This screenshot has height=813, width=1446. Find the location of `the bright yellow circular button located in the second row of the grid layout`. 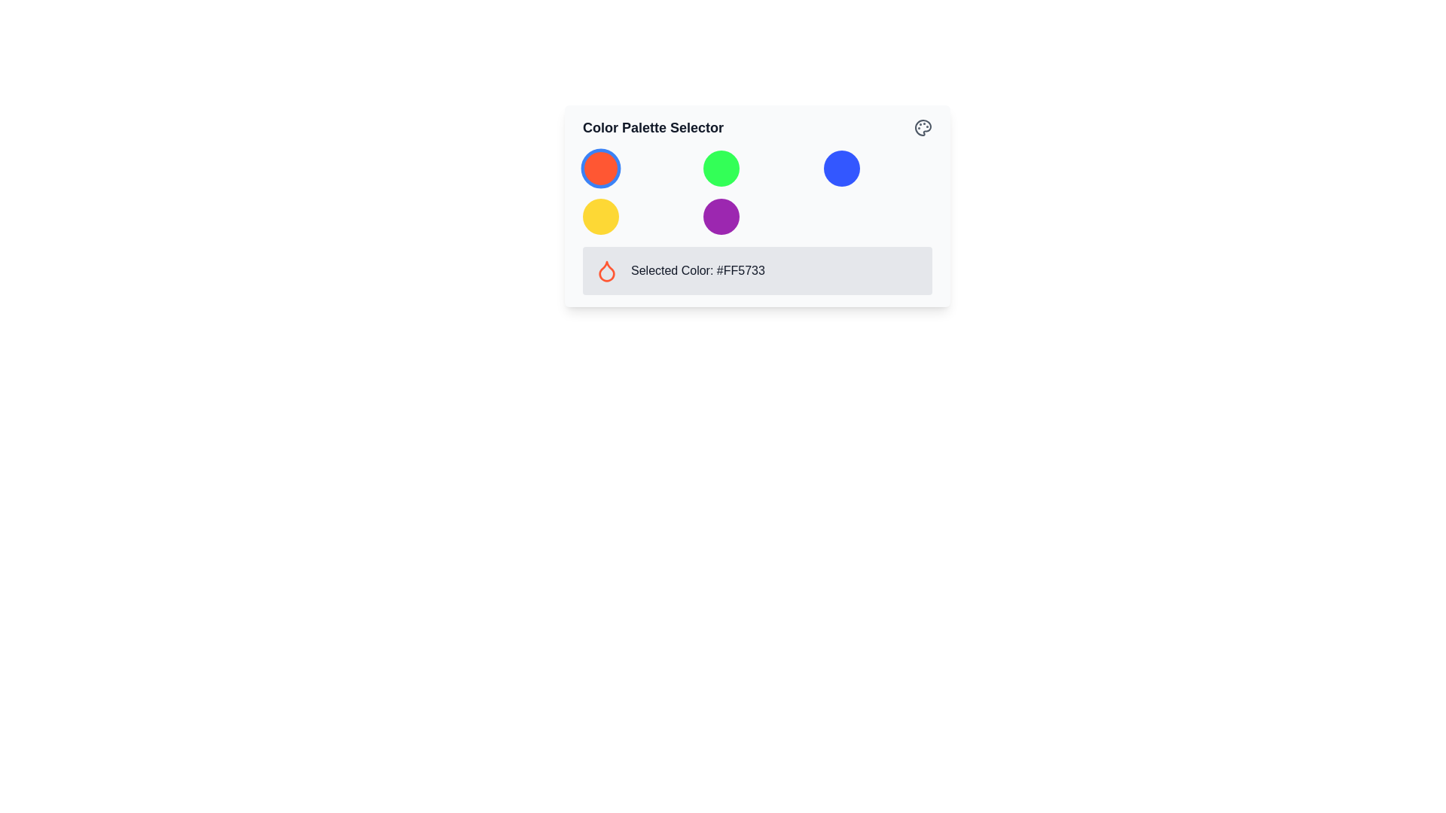

the bright yellow circular button located in the second row of the grid layout is located at coordinates (599, 217).